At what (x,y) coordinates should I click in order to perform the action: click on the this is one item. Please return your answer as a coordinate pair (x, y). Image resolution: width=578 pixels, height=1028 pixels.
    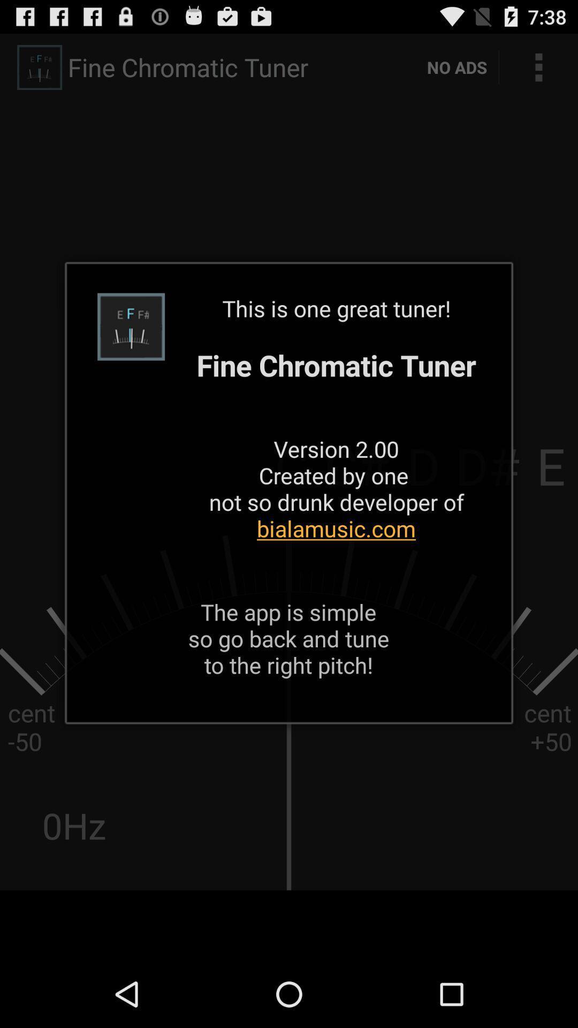
    Looking at the image, I should click on (336, 432).